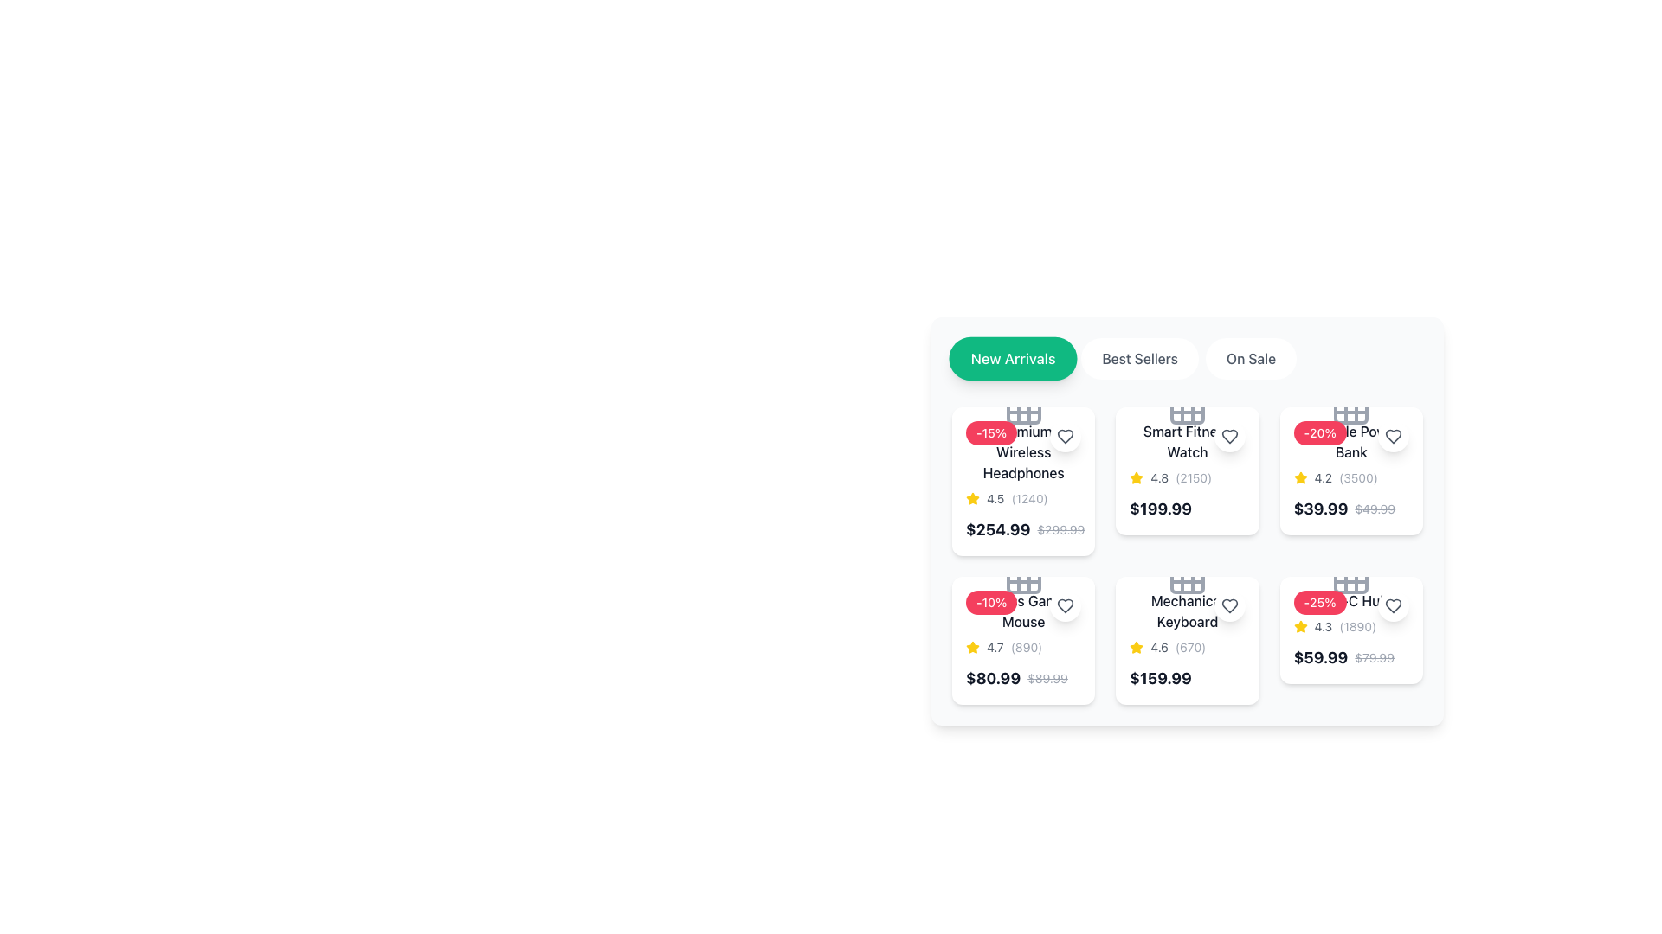 The image size is (1662, 934). I want to click on the static text element displaying the original price, which is positioned above and to the right of the current price '$59.99' in the lower-right product card, so click(1374, 657).